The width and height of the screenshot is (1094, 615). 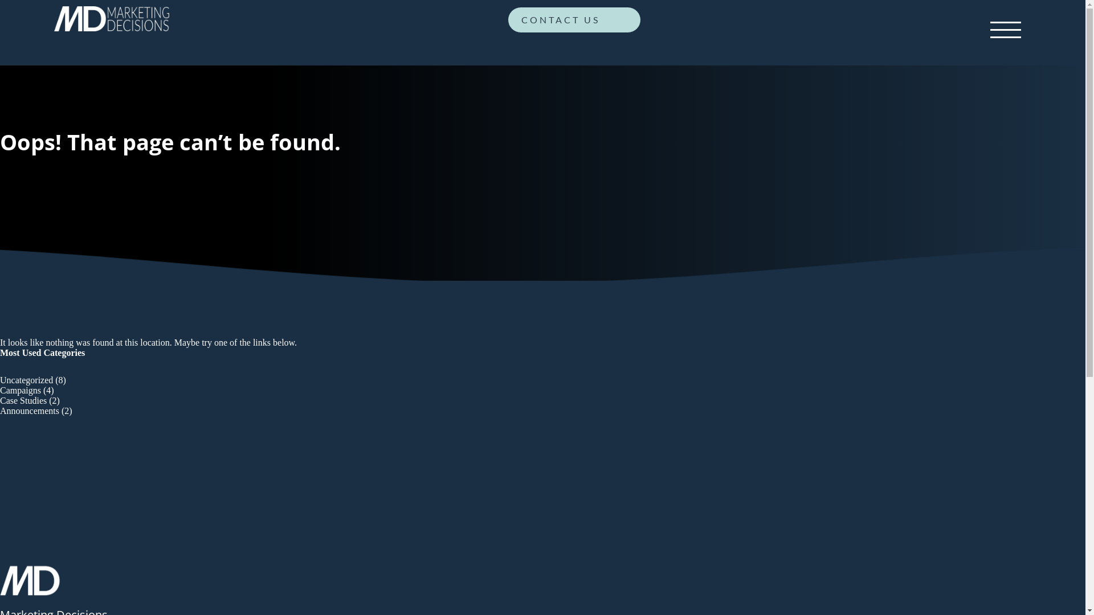 I want to click on 'Campaigns', so click(x=20, y=389).